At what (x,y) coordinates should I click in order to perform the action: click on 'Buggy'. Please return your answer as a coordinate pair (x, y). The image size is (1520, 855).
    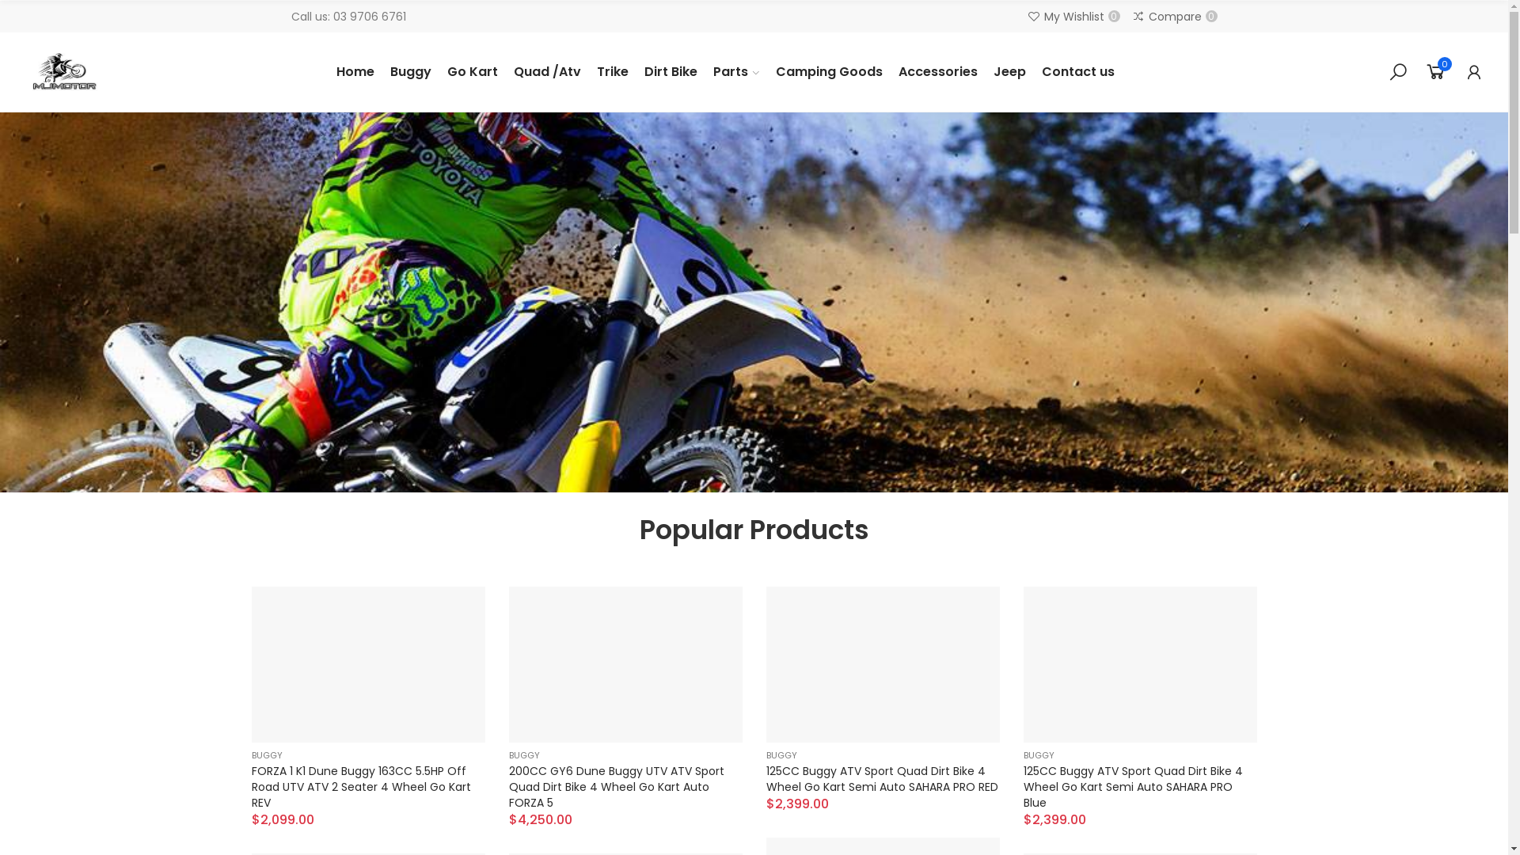
    Looking at the image, I should click on (410, 72).